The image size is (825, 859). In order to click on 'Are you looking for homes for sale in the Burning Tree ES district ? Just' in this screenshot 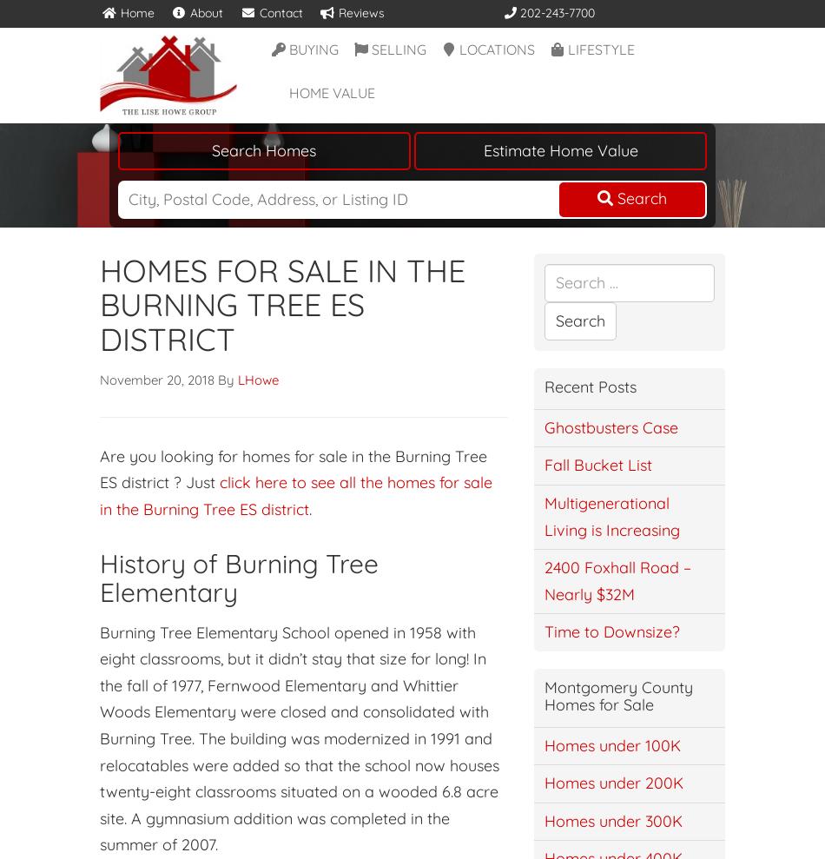, I will do `click(293, 468)`.